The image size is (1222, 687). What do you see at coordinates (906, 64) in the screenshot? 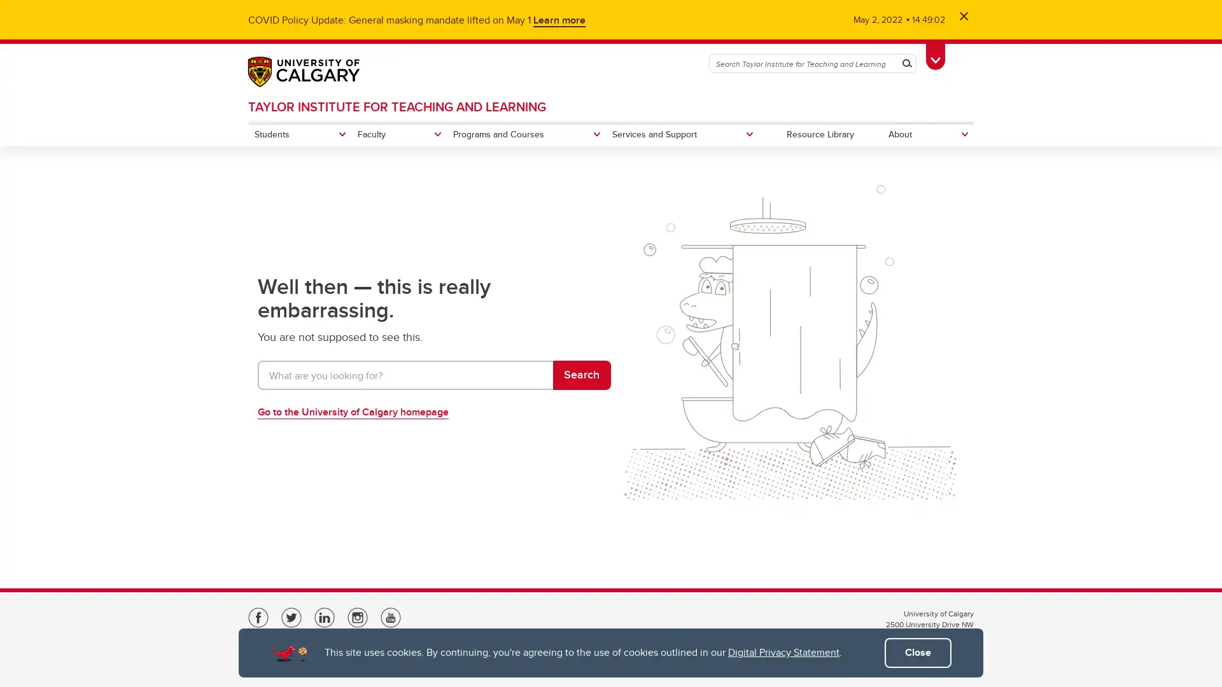
I see `Search` at bounding box center [906, 64].